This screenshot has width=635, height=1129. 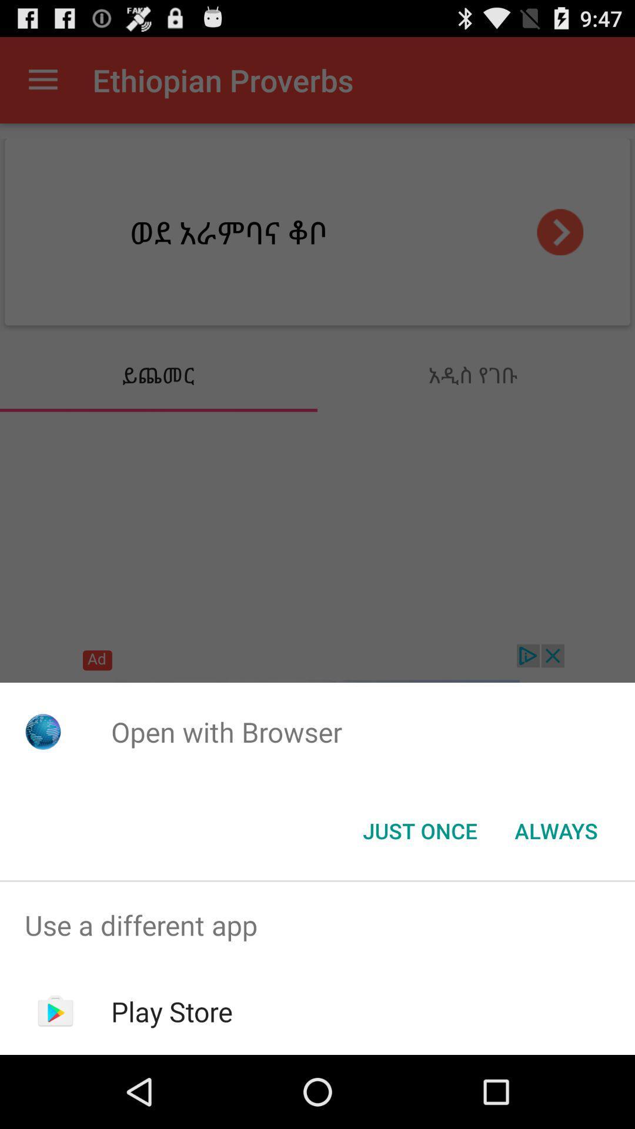 I want to click on play store app, so click(x=172, y=1011).